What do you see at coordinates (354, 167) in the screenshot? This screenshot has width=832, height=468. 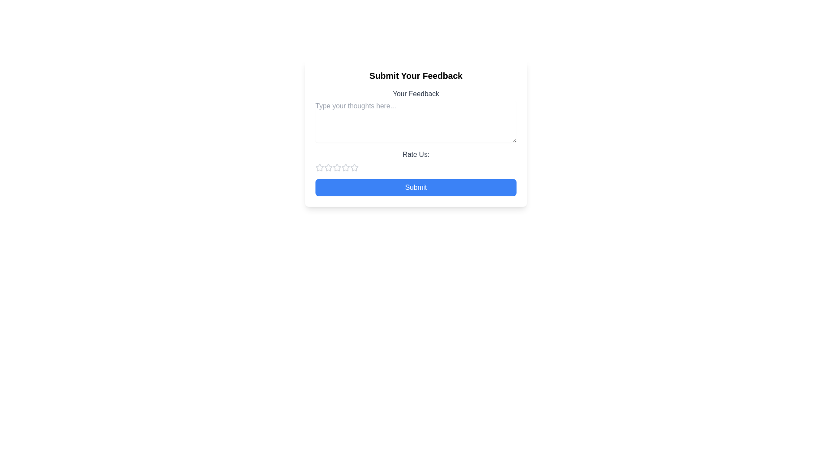 I see `the second star icon in the 'Rate Us' section of the feedback submission form` at bounding box center [354, 167].